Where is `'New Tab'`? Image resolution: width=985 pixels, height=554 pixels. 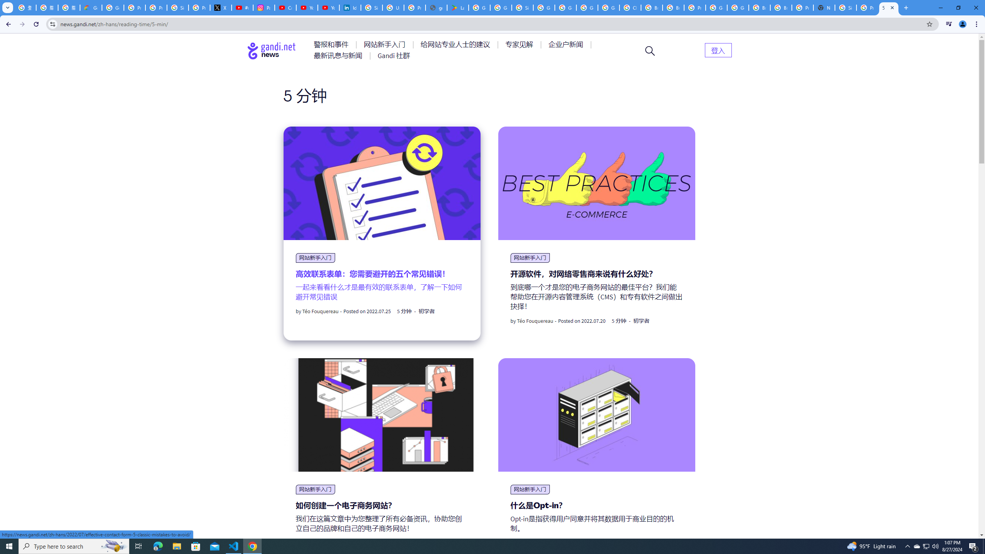
'New Tab' is located at coordinates (823, 7).